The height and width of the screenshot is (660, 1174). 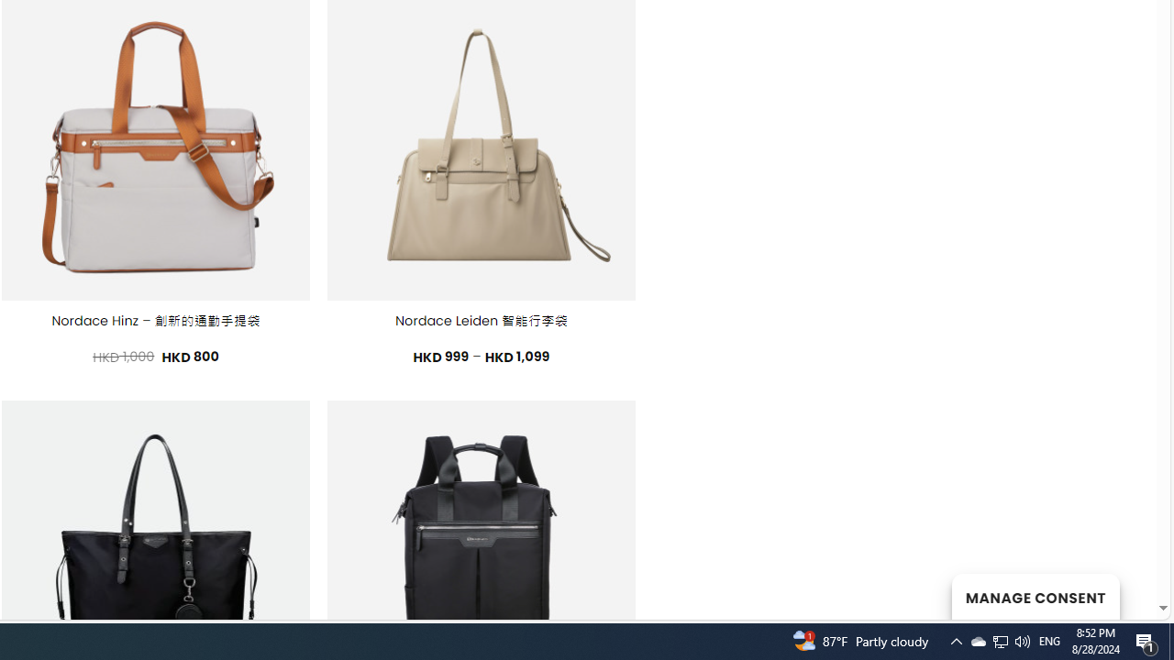 What do you see at coordinates (1035, 596) in the screenshot?
I see `'MANAGE CONSENT'` at bounding box center [1035, 596].